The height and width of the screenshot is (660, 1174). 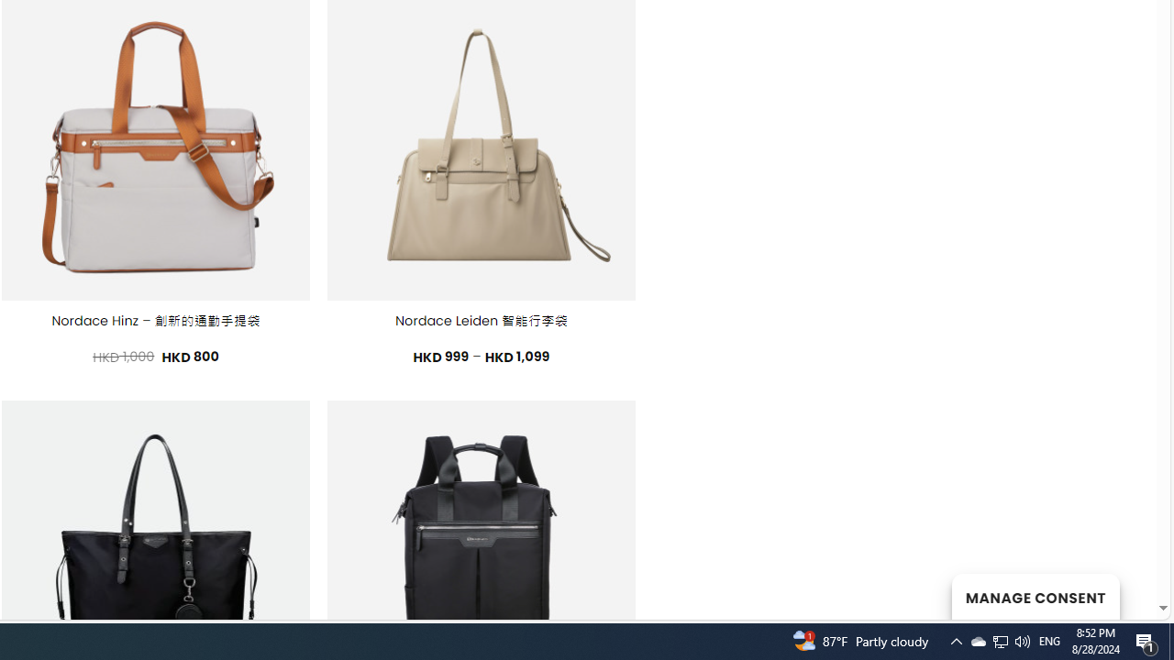 What do you see at coordinates (1035, 596) in the screenshot?
I see `'MANAGE CONSENT'` at bounding box center [1035, 596].